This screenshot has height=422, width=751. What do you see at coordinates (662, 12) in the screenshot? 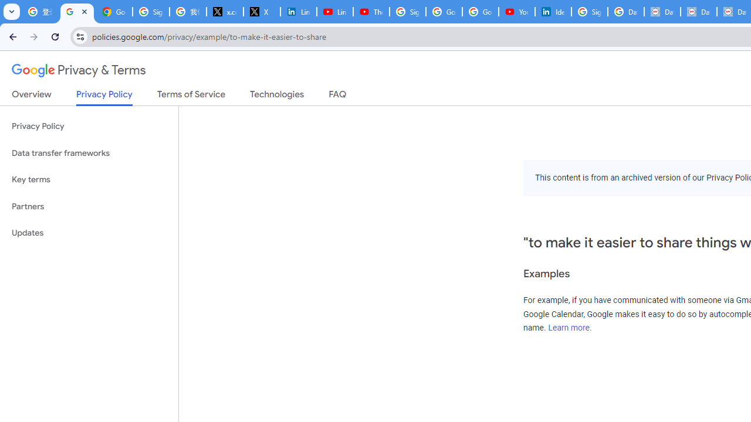
I see `'Data Privacy Framework'` at bounding box center [662, 12].